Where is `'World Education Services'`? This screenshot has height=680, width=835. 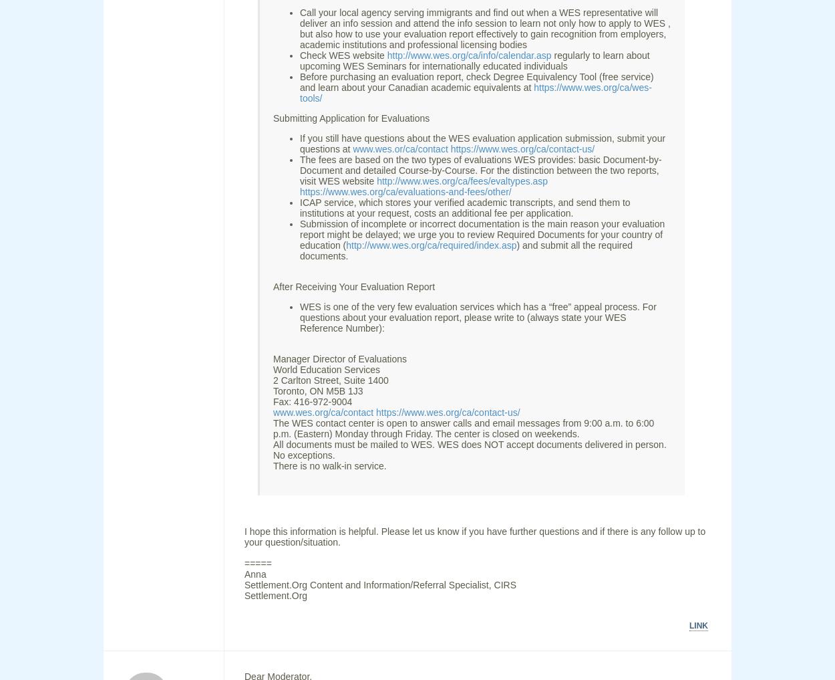
'World Education Services' is located at coordinates (273, 370).